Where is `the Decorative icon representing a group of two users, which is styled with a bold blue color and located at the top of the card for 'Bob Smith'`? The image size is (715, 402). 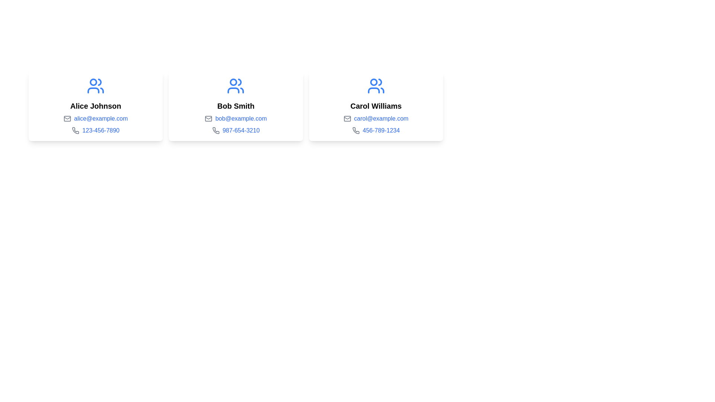 the Decorative icon representing a group of two users, which is styled with a bold blue color and located at the top of the card for 'Bob Smith' is located at coordinates (235, 86).